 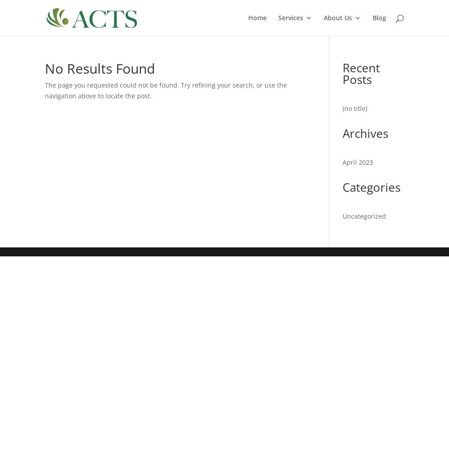 I want to click on 'Services', so click(x=278, y=18).